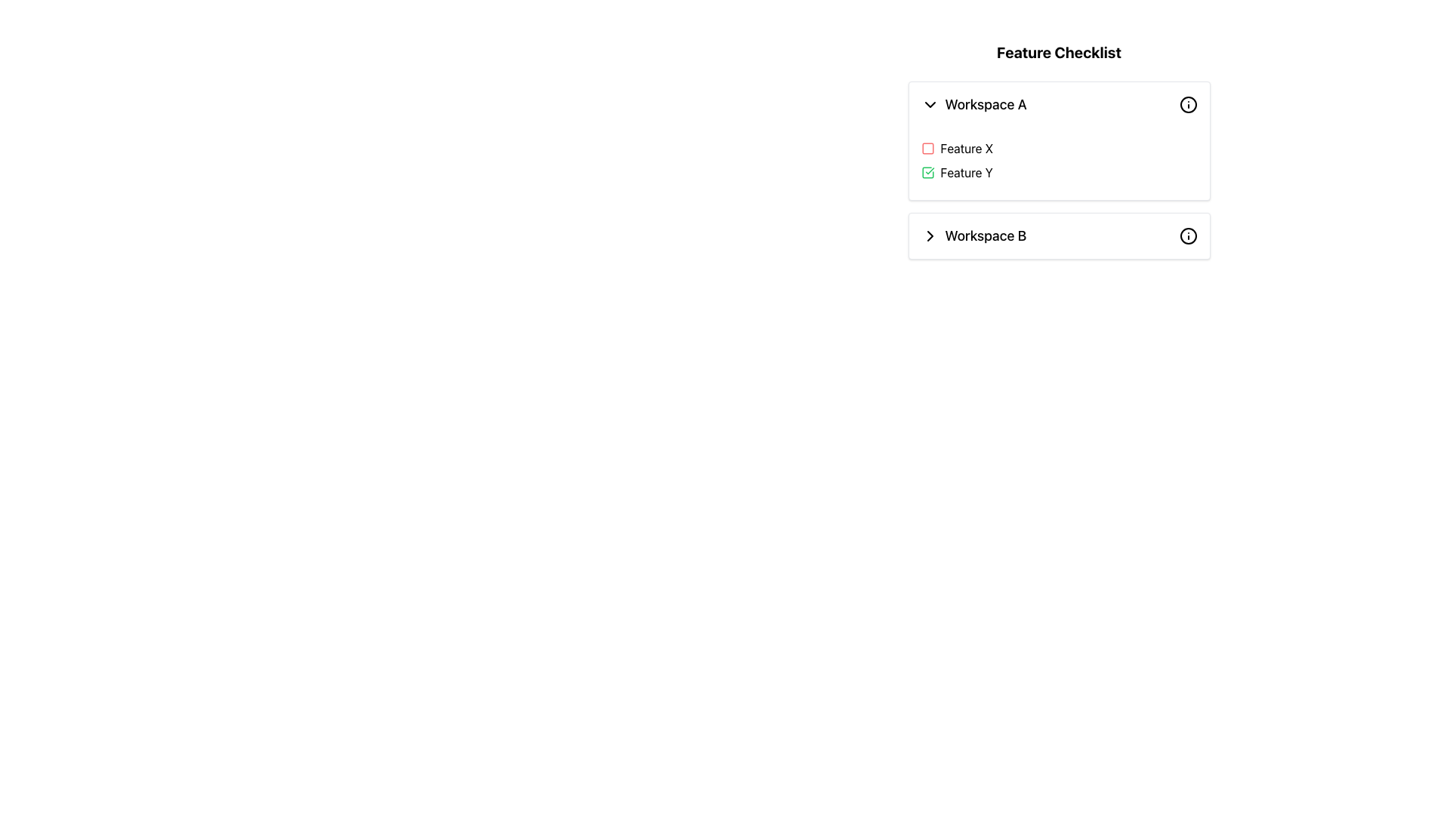  What do you see at coordinates (927, 171) in the screenshot?
I see `the Checkbox representing the selected state for 'Feature Y'` at bounding box center [927, 171].